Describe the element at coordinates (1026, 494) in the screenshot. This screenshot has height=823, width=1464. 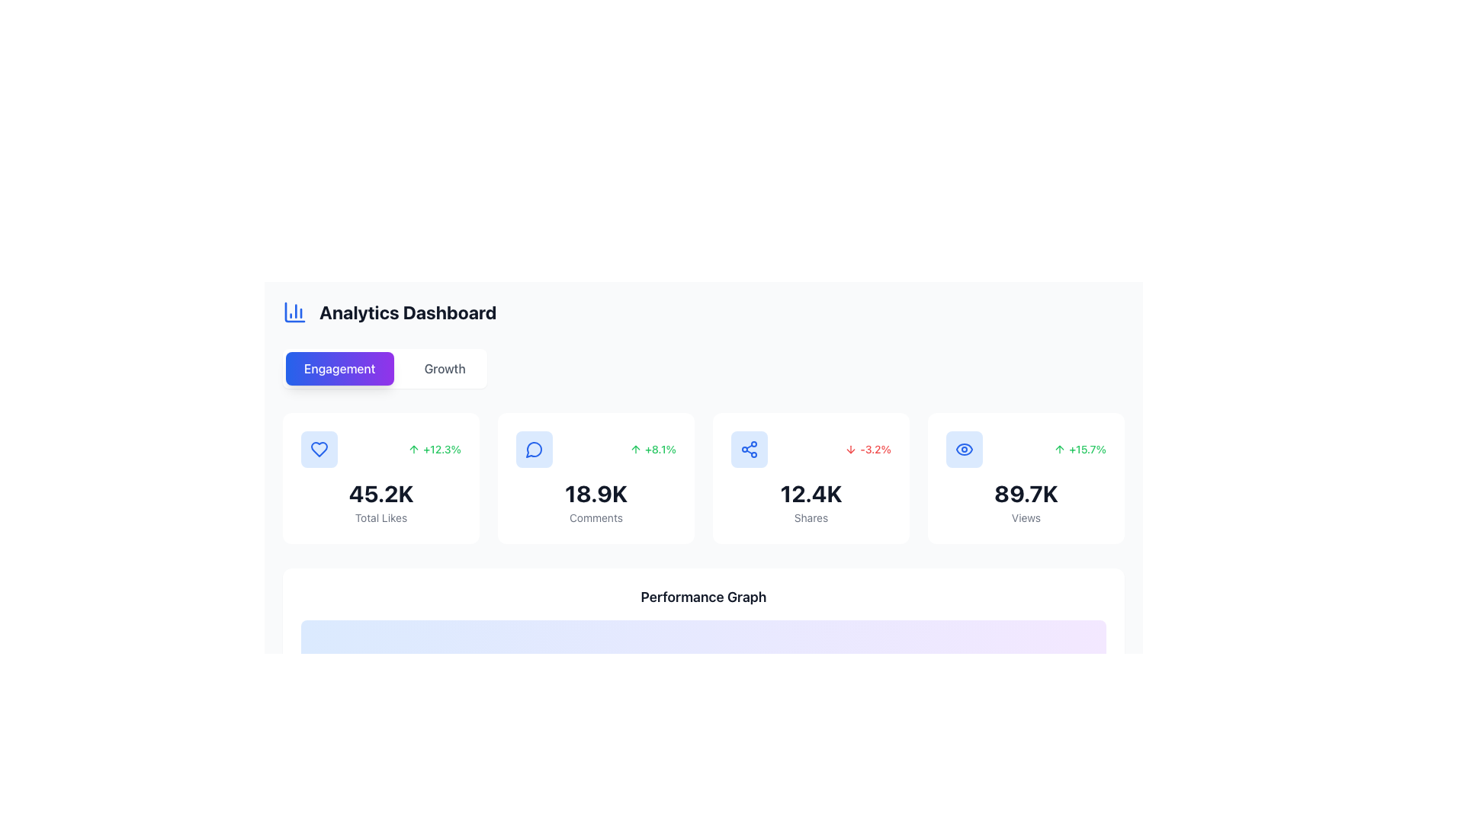
I see `the text label displaying '89.7K' within the white card in the 'Engagement' section of the dashboard` at that location.